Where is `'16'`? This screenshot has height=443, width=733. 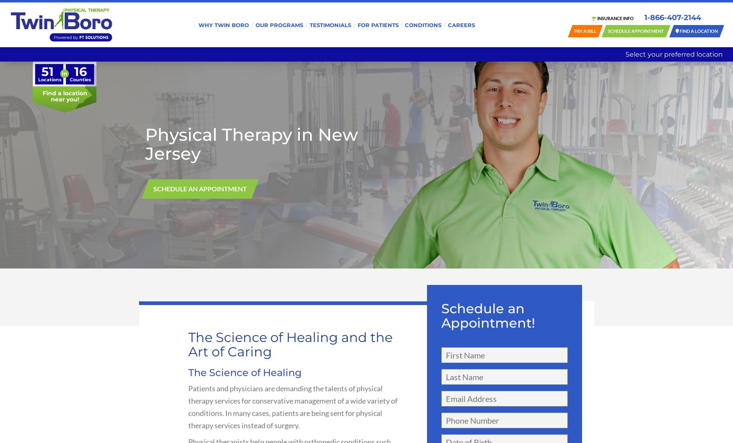 '16' is located at coordinates (80, 71).